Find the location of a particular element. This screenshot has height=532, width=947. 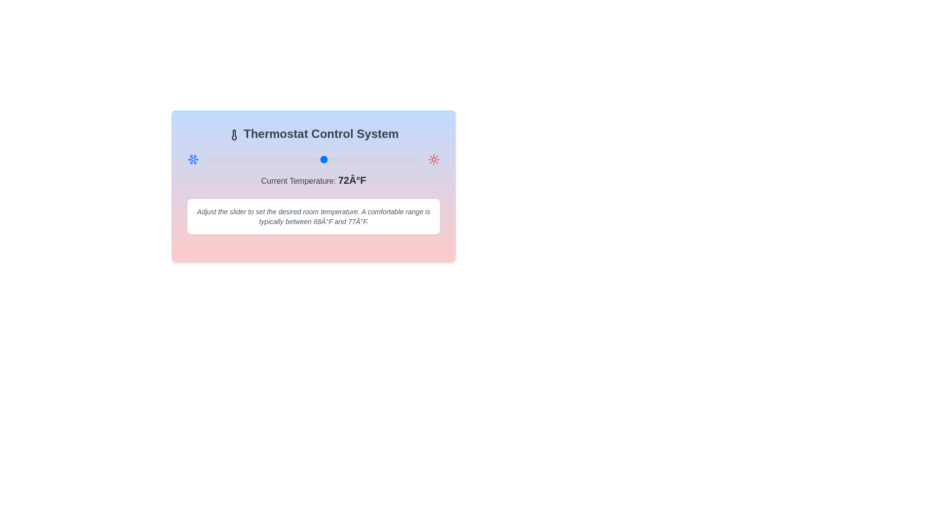

the snowflake icon to activate its functionality is located at coordinates (193, 159).